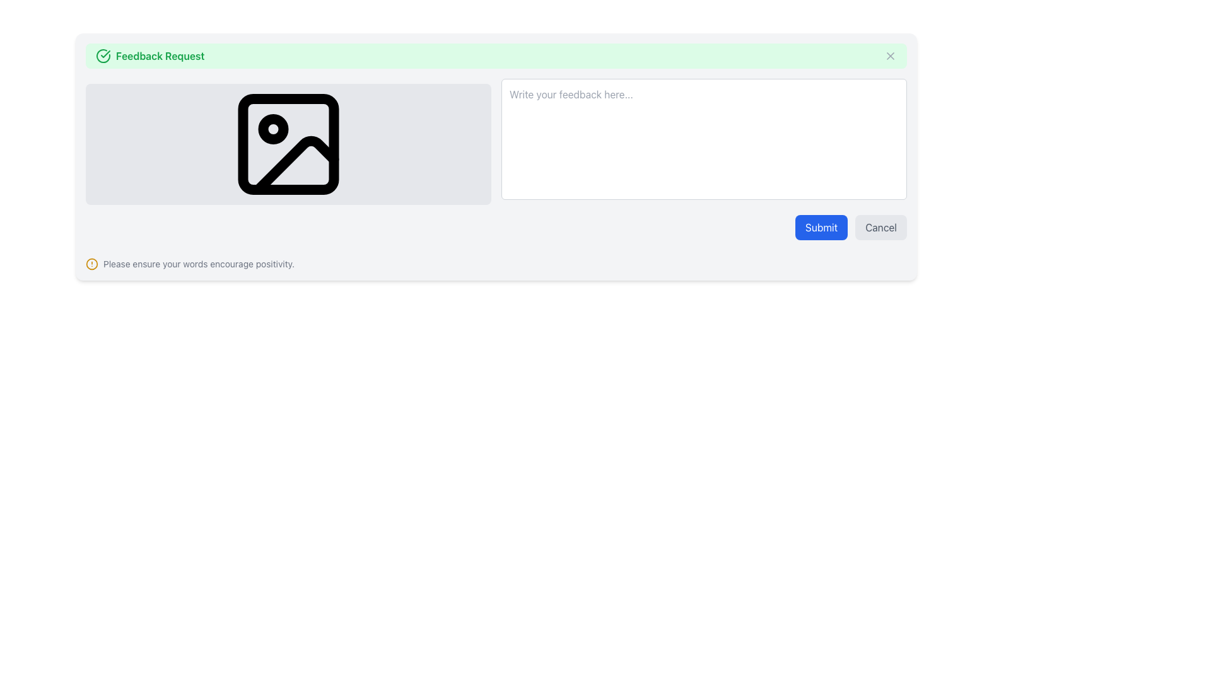  Describe the element at coordinates (105, 53) in the screenshot. I see `the checkmark icon within the green-stroked circular SVG element to indicate confirmation or success` at that location.